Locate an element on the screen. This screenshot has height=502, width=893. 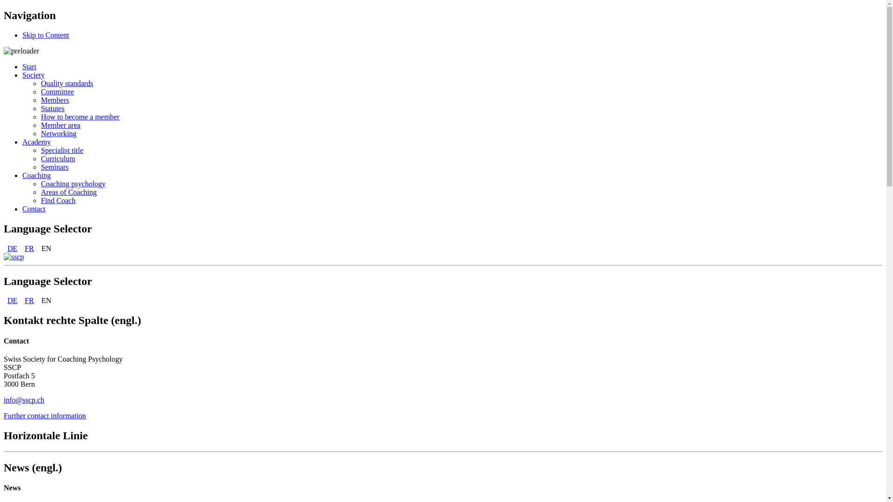
'Members' is located at coordinates (54, 100).